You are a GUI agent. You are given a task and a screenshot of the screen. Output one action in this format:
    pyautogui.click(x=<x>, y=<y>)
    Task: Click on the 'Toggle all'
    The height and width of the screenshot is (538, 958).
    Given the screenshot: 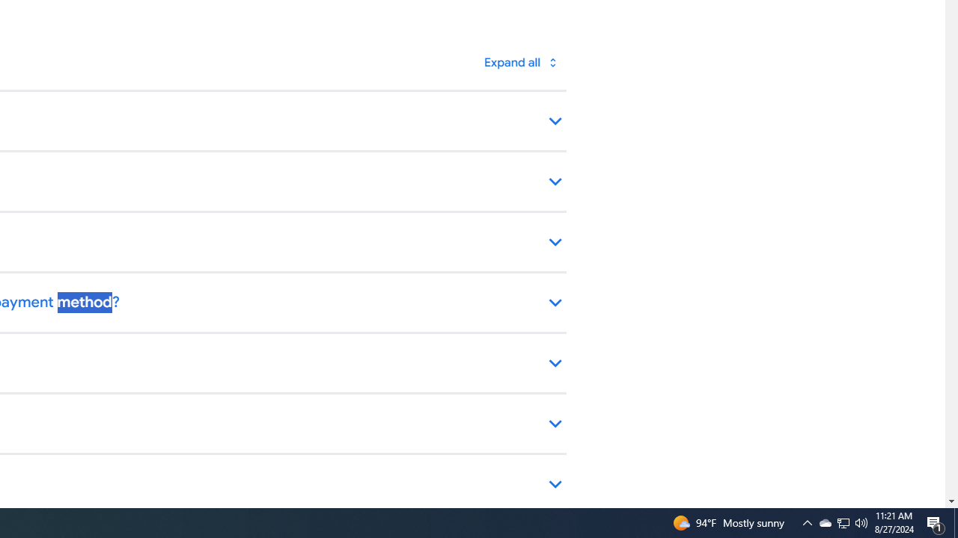 What is the action you would take?
    pyautogui.click(x=520, y=61)
    